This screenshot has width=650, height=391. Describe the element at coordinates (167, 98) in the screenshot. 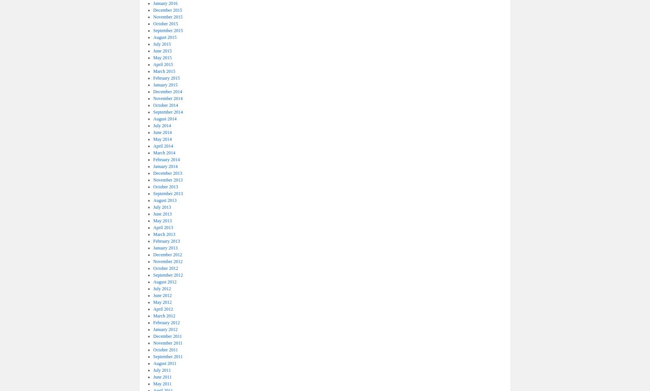

I see `'November 2014'` at that location.